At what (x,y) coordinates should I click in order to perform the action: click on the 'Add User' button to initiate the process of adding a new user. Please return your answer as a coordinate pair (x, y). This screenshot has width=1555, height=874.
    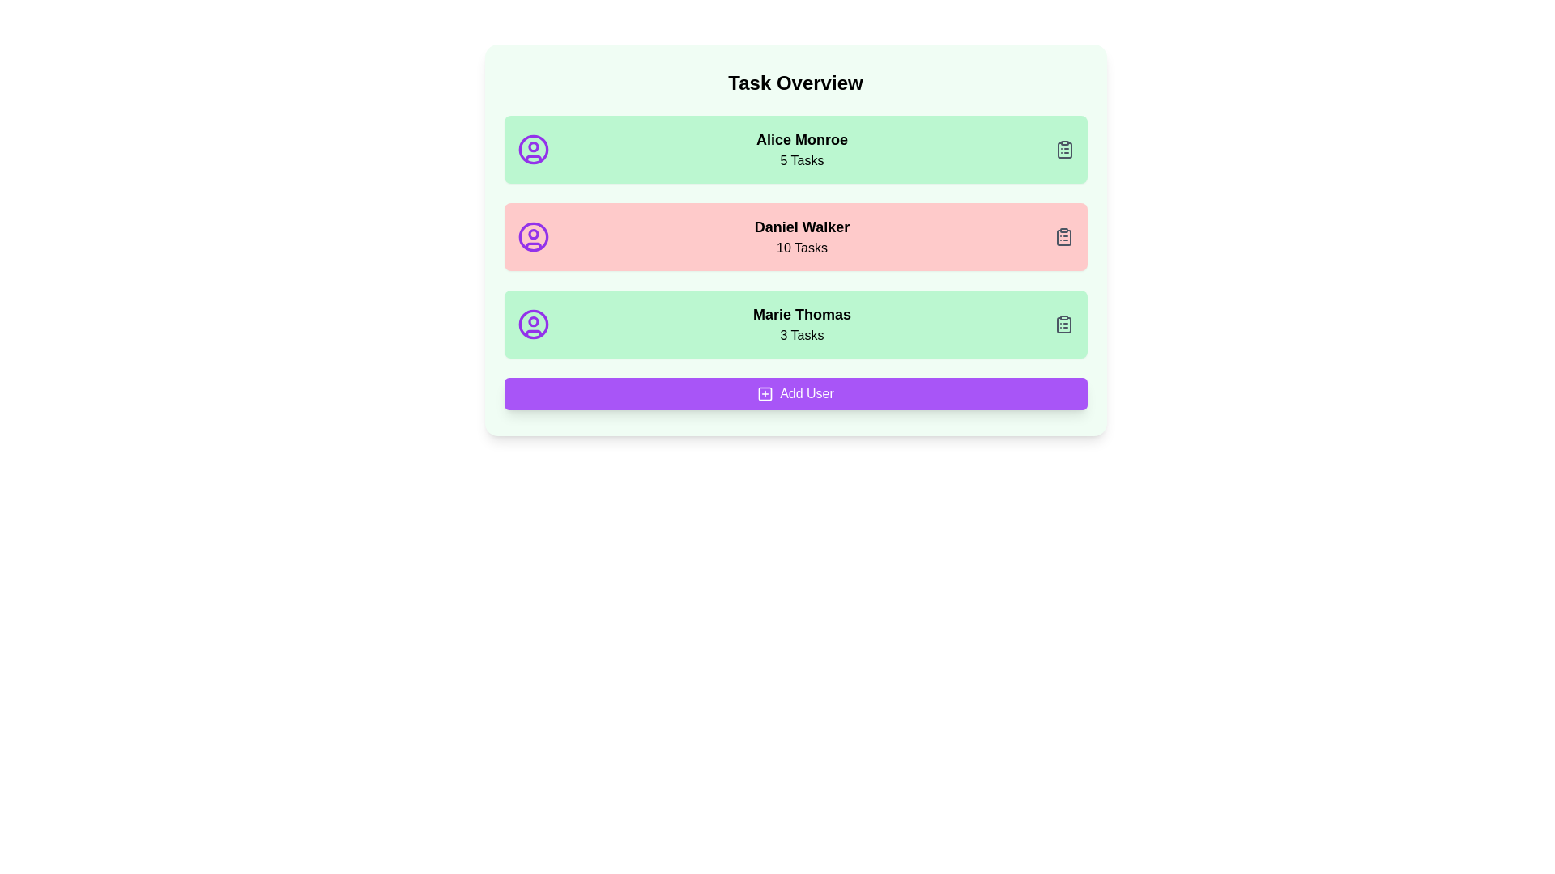
    Looking at the image, I should click on (795, 393).